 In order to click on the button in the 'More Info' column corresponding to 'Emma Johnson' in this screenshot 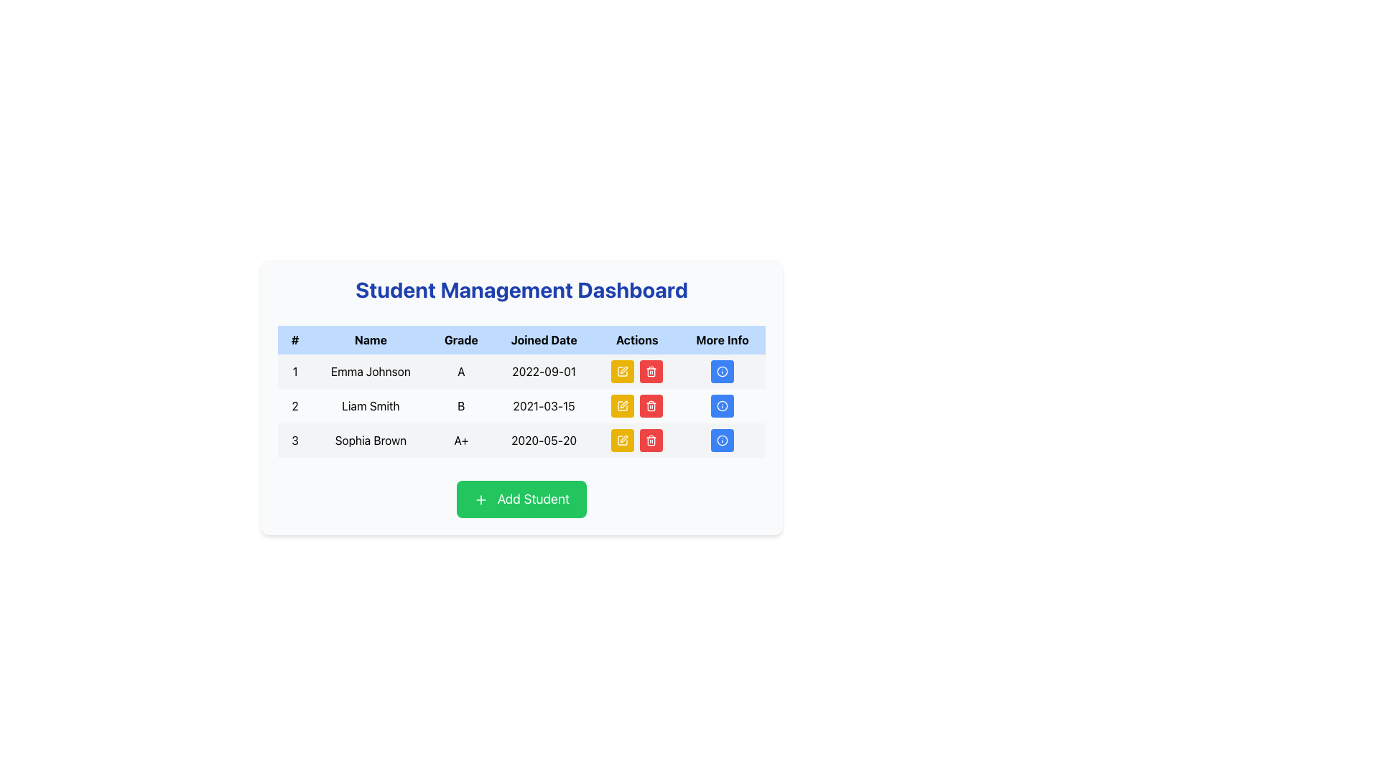, I will do `click(723, 370)`.